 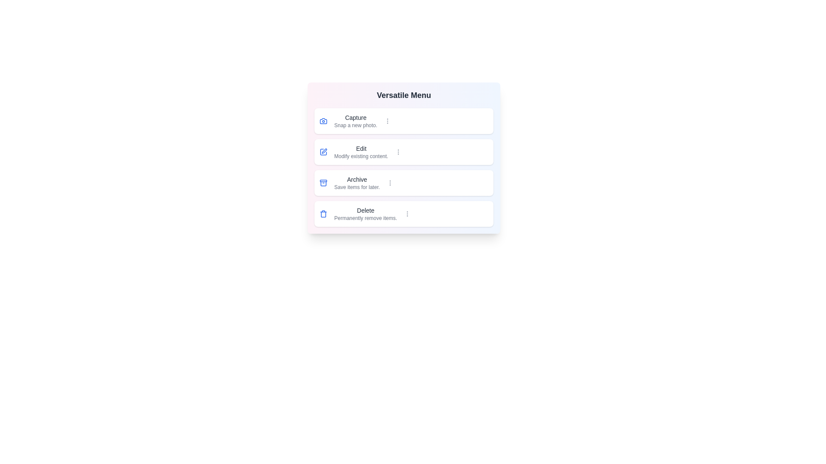 What do you see at coordinates (387, 121) in the screenshot?
I see `the ellipsis icon of the menu item corresponding to Capture` at bounding box center [387, 121].